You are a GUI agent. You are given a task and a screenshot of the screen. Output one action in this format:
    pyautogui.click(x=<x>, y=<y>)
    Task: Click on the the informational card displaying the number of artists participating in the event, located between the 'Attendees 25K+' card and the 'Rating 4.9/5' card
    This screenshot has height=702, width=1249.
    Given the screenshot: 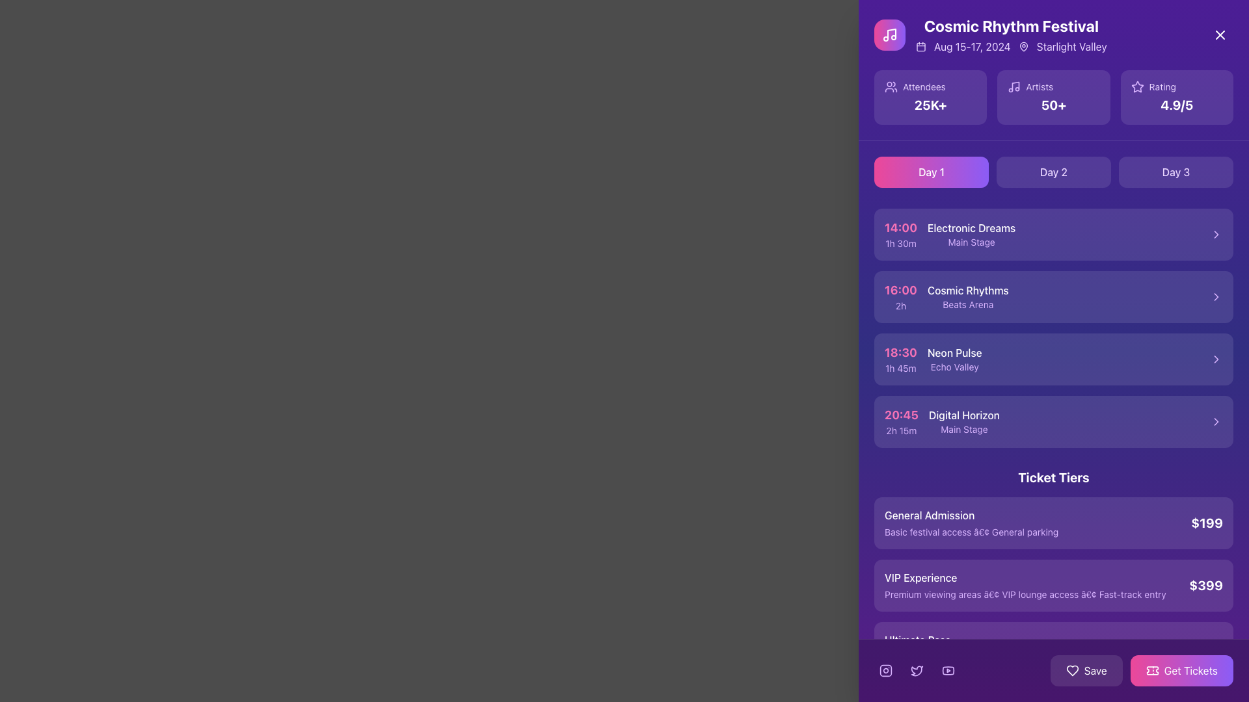 What is the action you would take?
    pyautogui.click(x=1053, y=97)
    